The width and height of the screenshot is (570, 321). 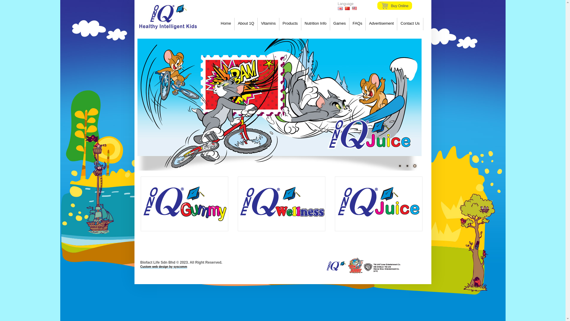 I want to click on 'English', so click(x=338, y=8).